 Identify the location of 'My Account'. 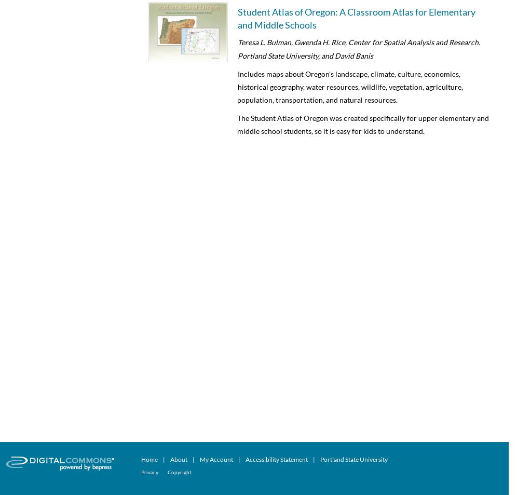
(199, 459).